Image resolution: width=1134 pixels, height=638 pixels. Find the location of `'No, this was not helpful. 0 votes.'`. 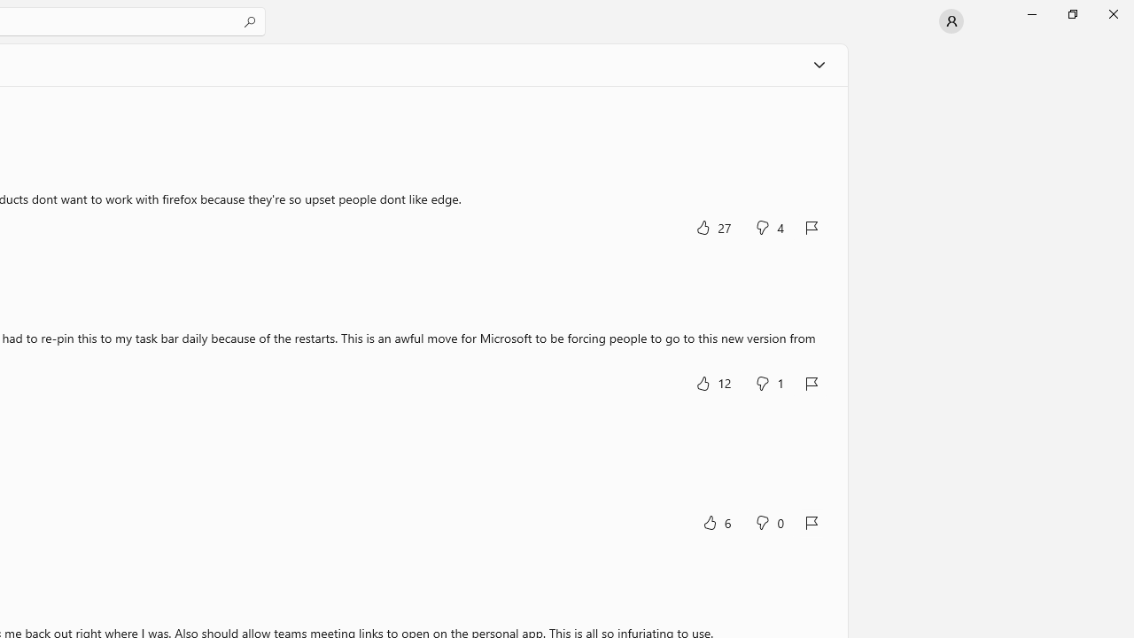

'No, this was not helpful. 0 votes.' is located at coordinates (769, 521).